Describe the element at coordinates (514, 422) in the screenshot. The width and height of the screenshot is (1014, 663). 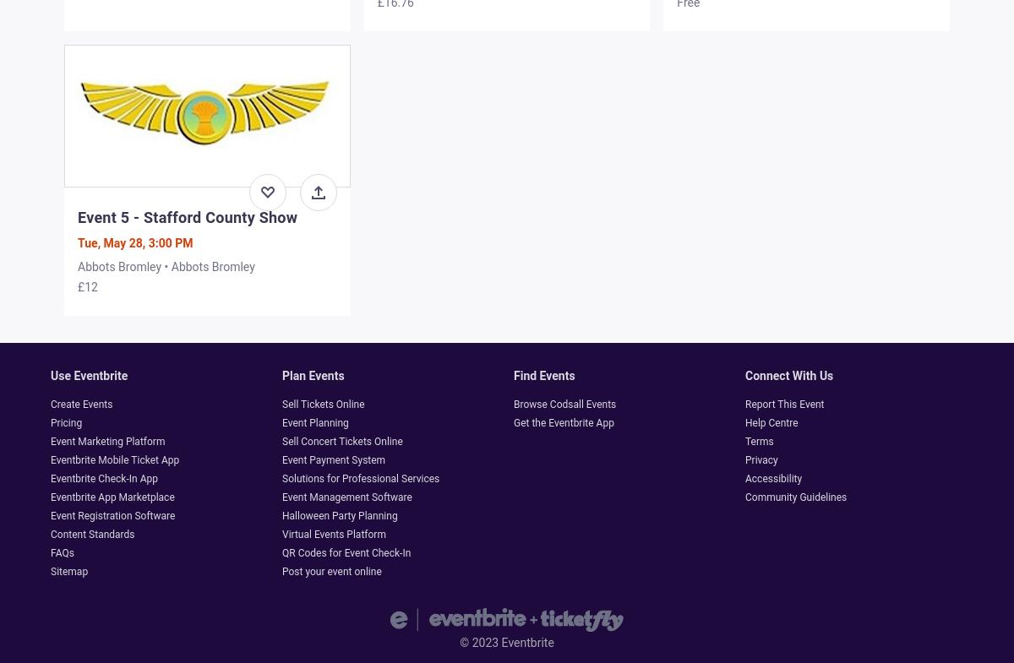
I see `'Get the Eventbrite App'` at that location.